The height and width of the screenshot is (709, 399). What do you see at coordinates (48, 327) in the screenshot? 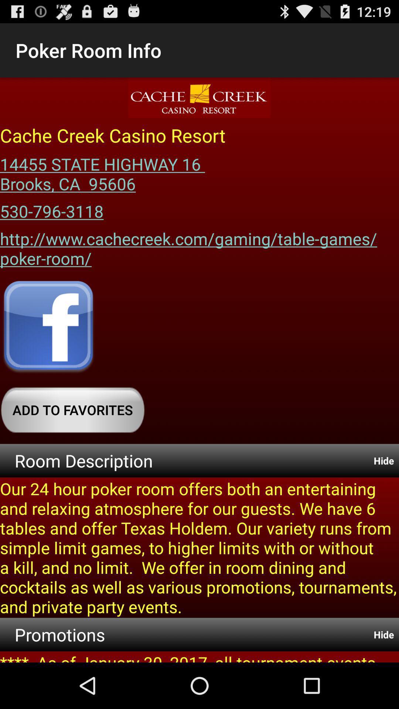
I see `facebook` at bounding box center [48, 327].